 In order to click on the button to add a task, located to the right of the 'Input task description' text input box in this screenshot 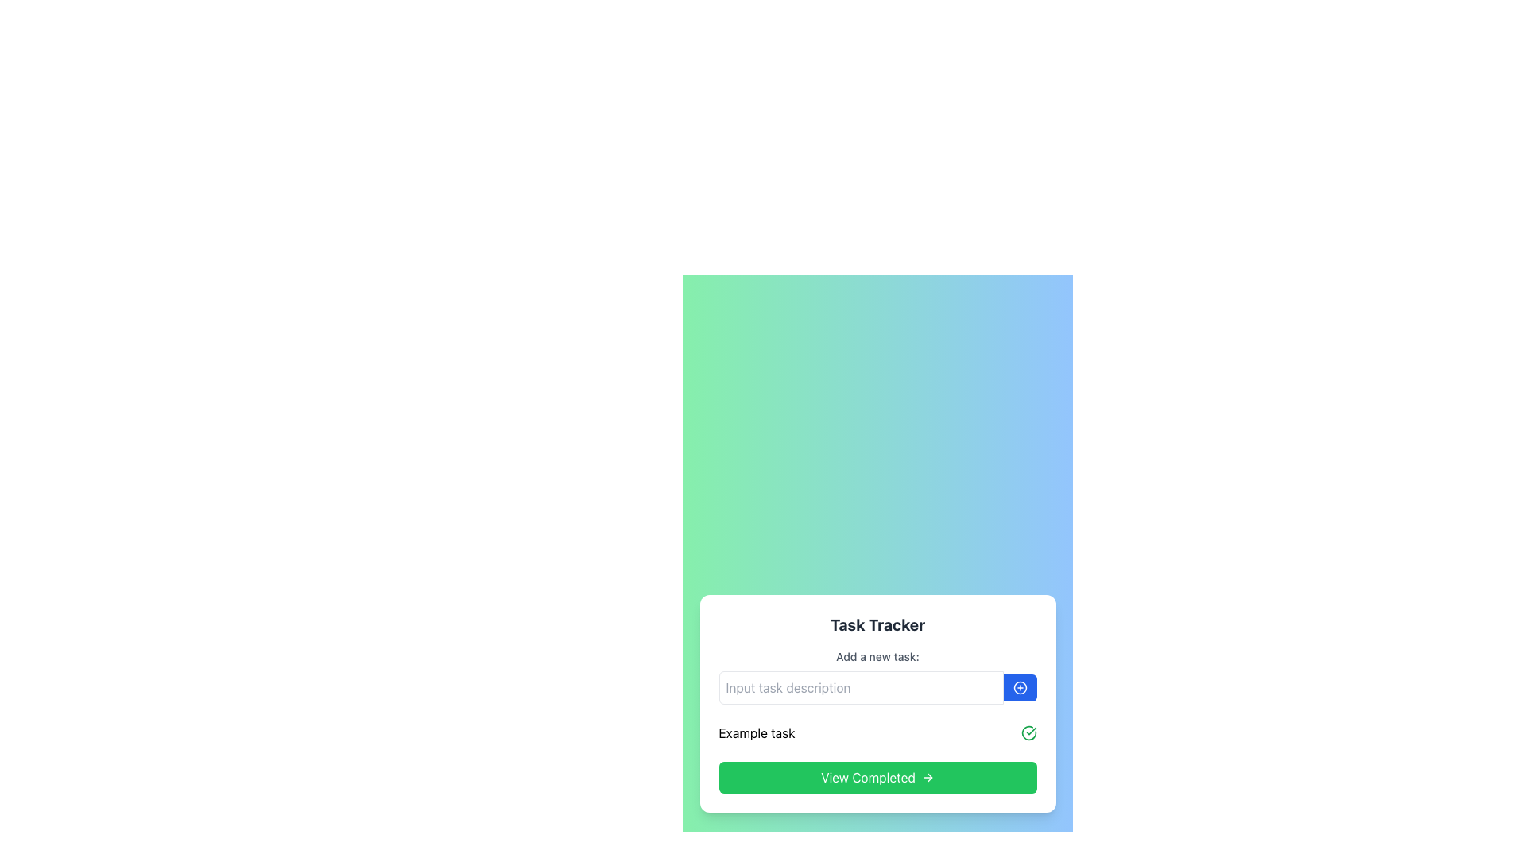, I will do `click(1020, 687)`.